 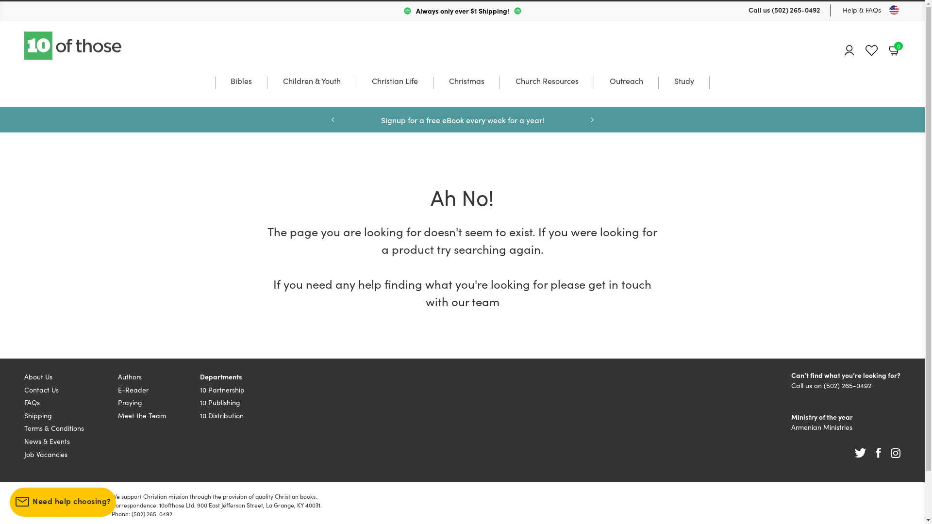 I want to click on 'get in touch', so click(x=619, y=283).